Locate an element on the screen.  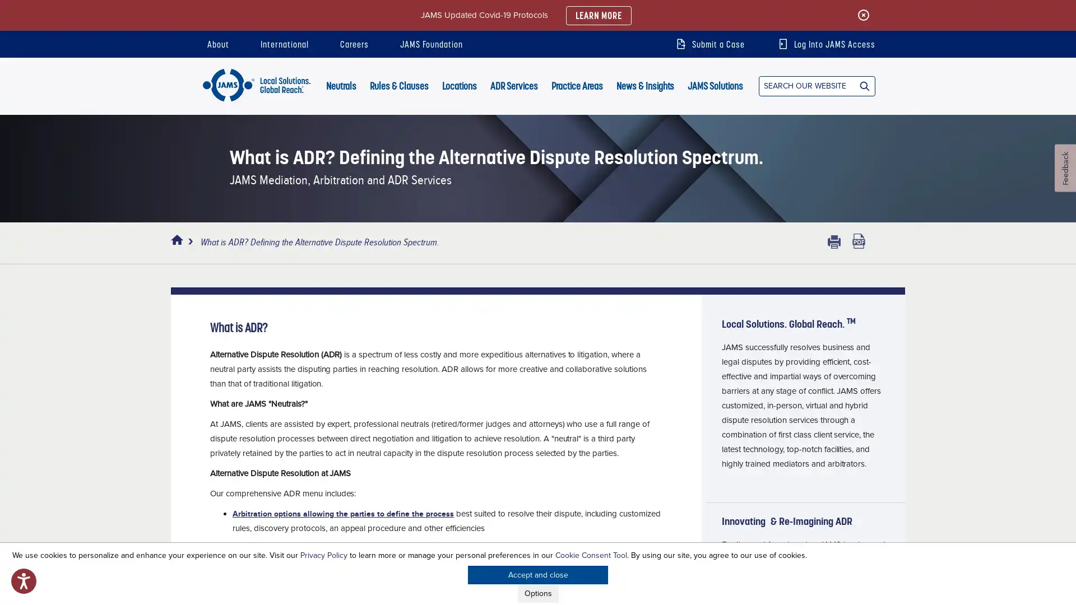
Options is located at coordinates (537, 593).